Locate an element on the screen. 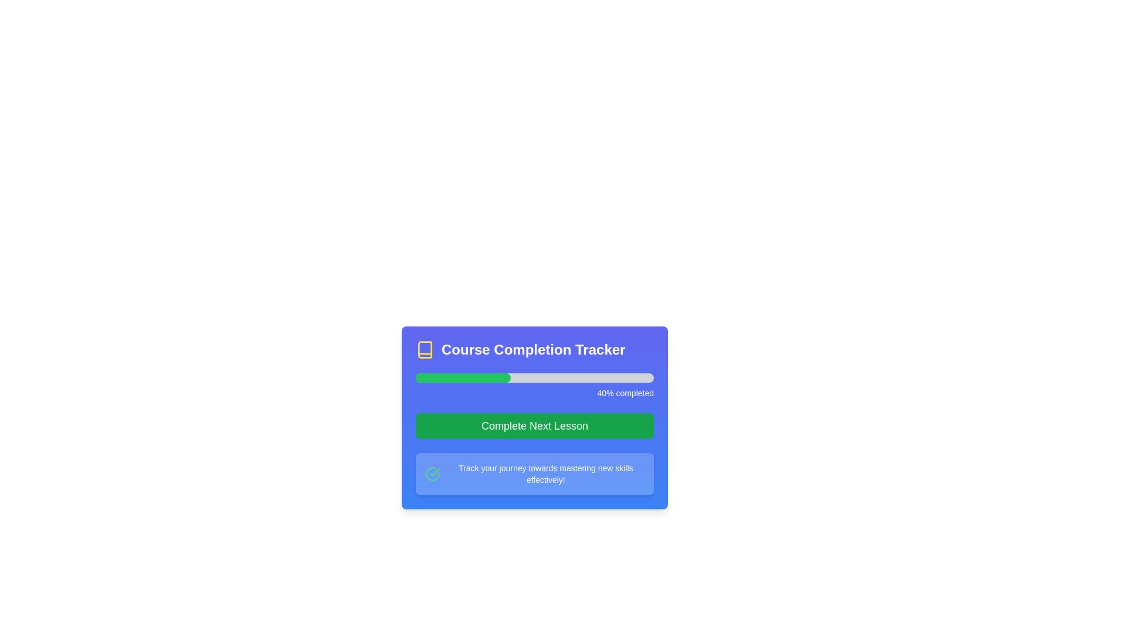  the green check mark icon, which signifies correctness or completion, located next to the phrase 'Track your journey towards mastering new skills effectively!' in the bottom section of the 'Course Completion Tracker' box is located at coordinates (432, 474).